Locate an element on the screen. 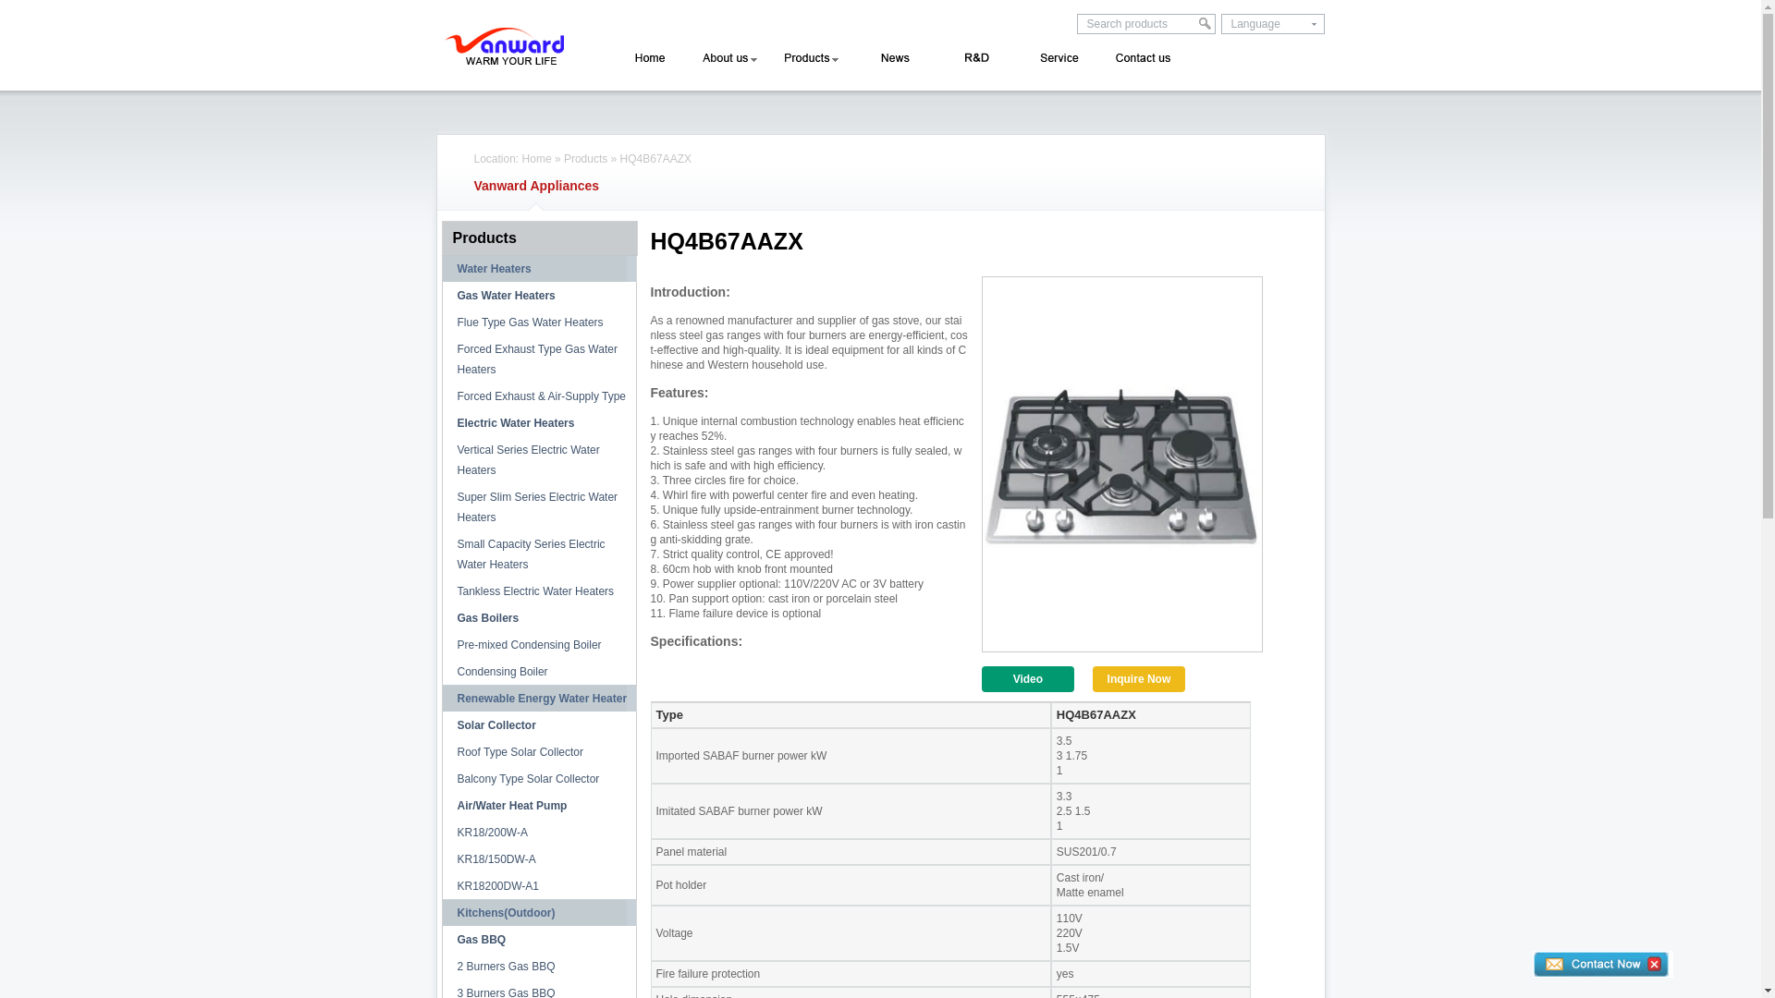 This screenshot has width=1775, height=998. 'About us' is located at coordinates (728, 57).